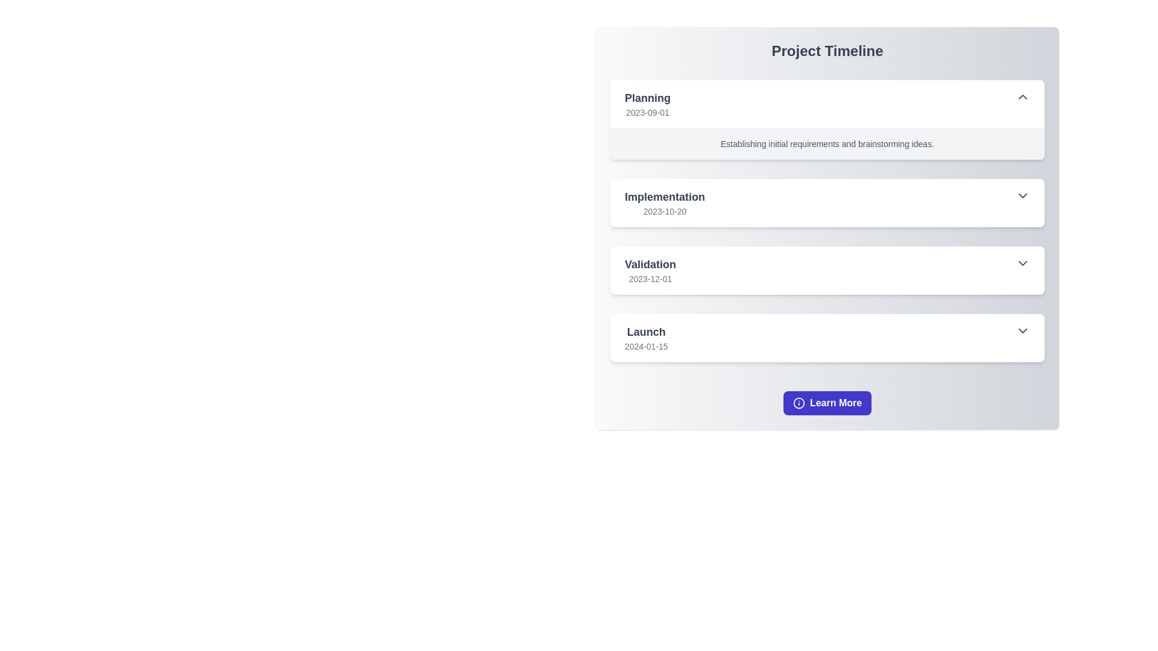 The width and height of the screenshot is (1158, 651). I want to click on text value '2023-09-01' displayed in a small gray font located under the bold 'Planning' title within the first card of the vertical timeline list, so click(647, 112).